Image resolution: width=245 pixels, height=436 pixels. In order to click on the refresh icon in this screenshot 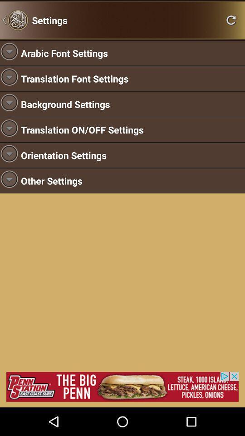, I will do `click(231, 21)`.